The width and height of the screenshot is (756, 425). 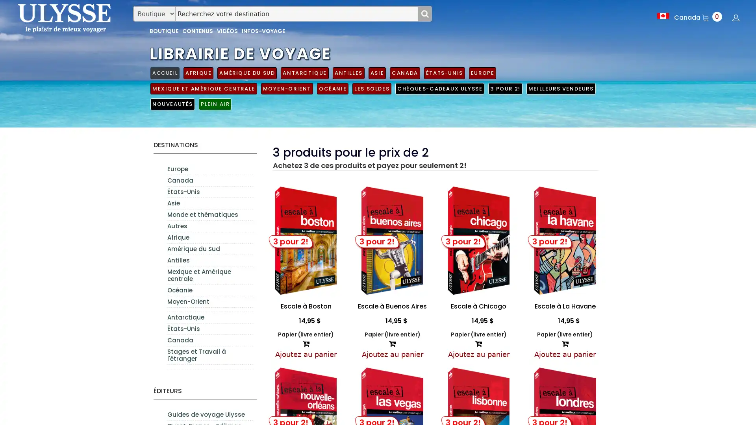 I want to click on ETATS-UNIS, so click(x=444, y=73).